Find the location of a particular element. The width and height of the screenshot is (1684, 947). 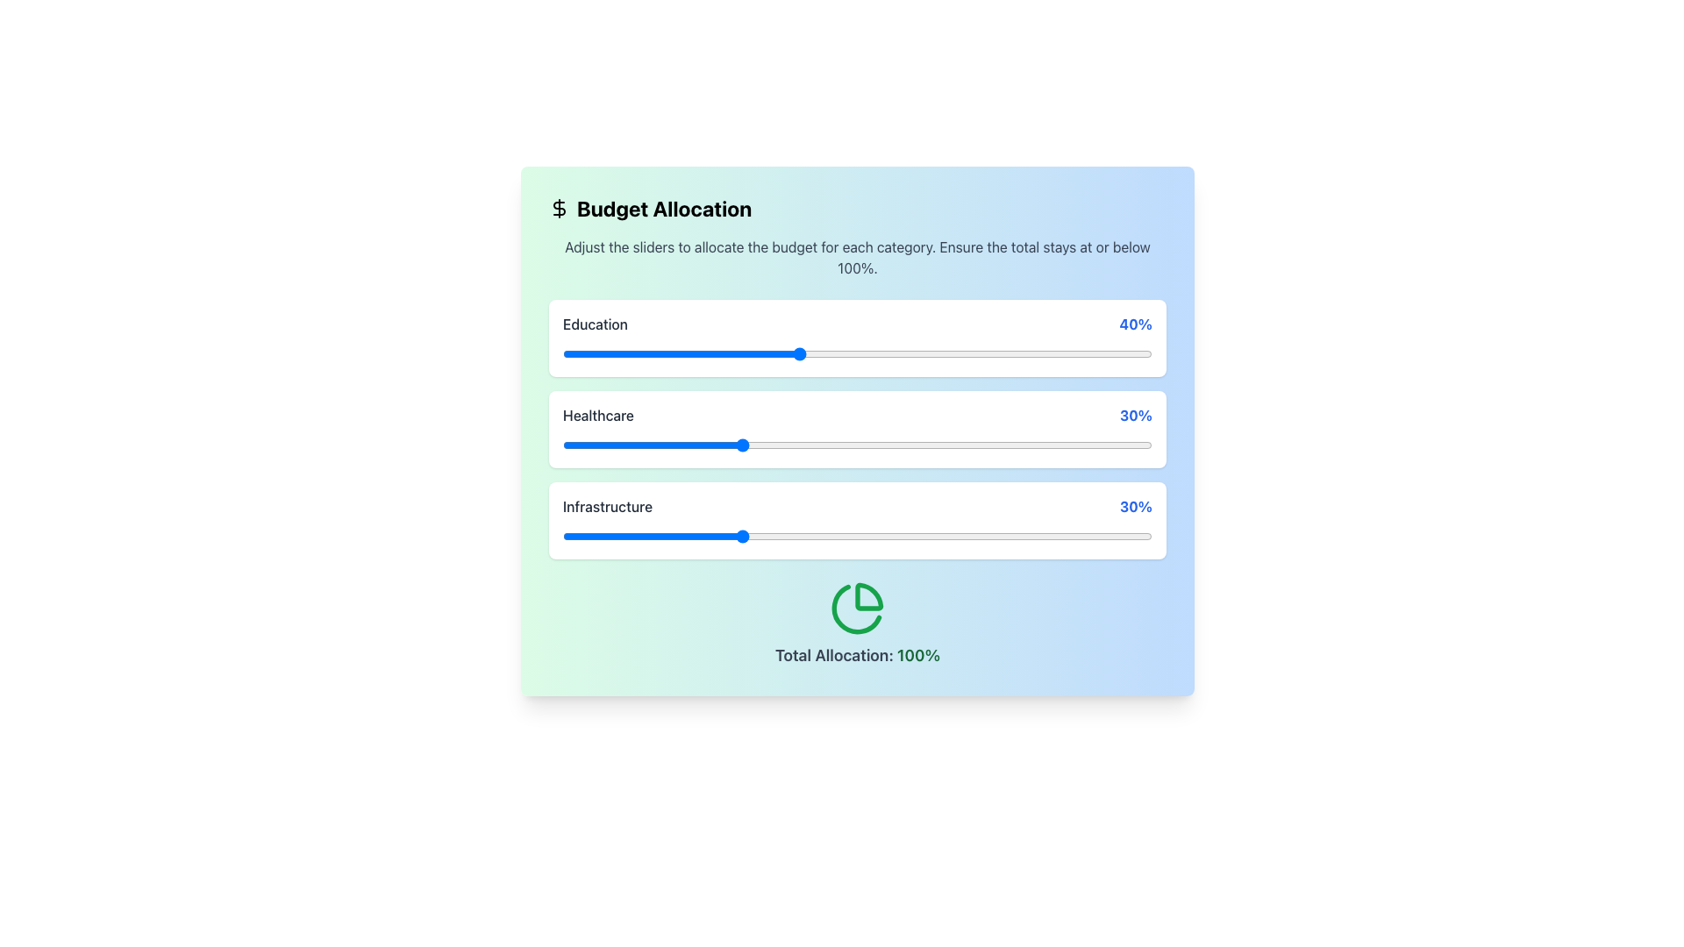

healthcare allocation is located at coordinates (810, 445).